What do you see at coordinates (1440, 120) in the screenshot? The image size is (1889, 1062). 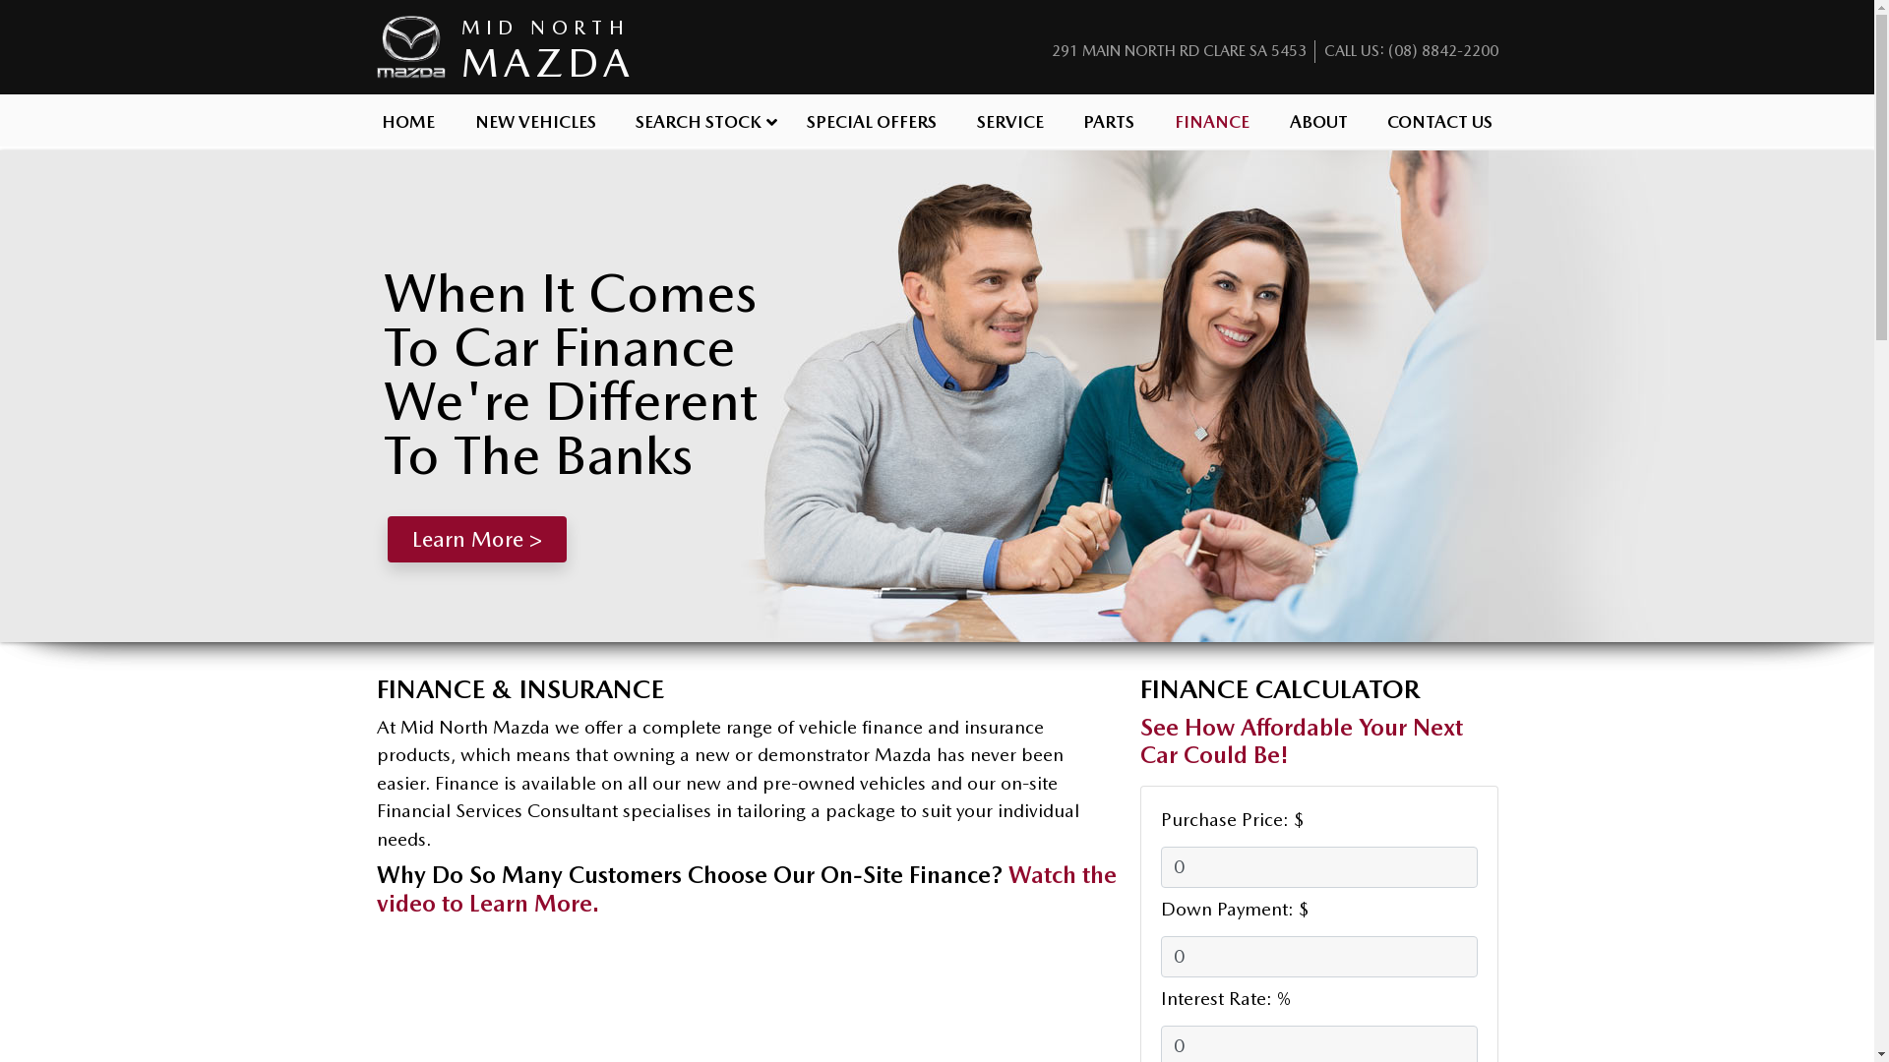 I see `'CONTACT US'` at bounding box center [1440, 120].